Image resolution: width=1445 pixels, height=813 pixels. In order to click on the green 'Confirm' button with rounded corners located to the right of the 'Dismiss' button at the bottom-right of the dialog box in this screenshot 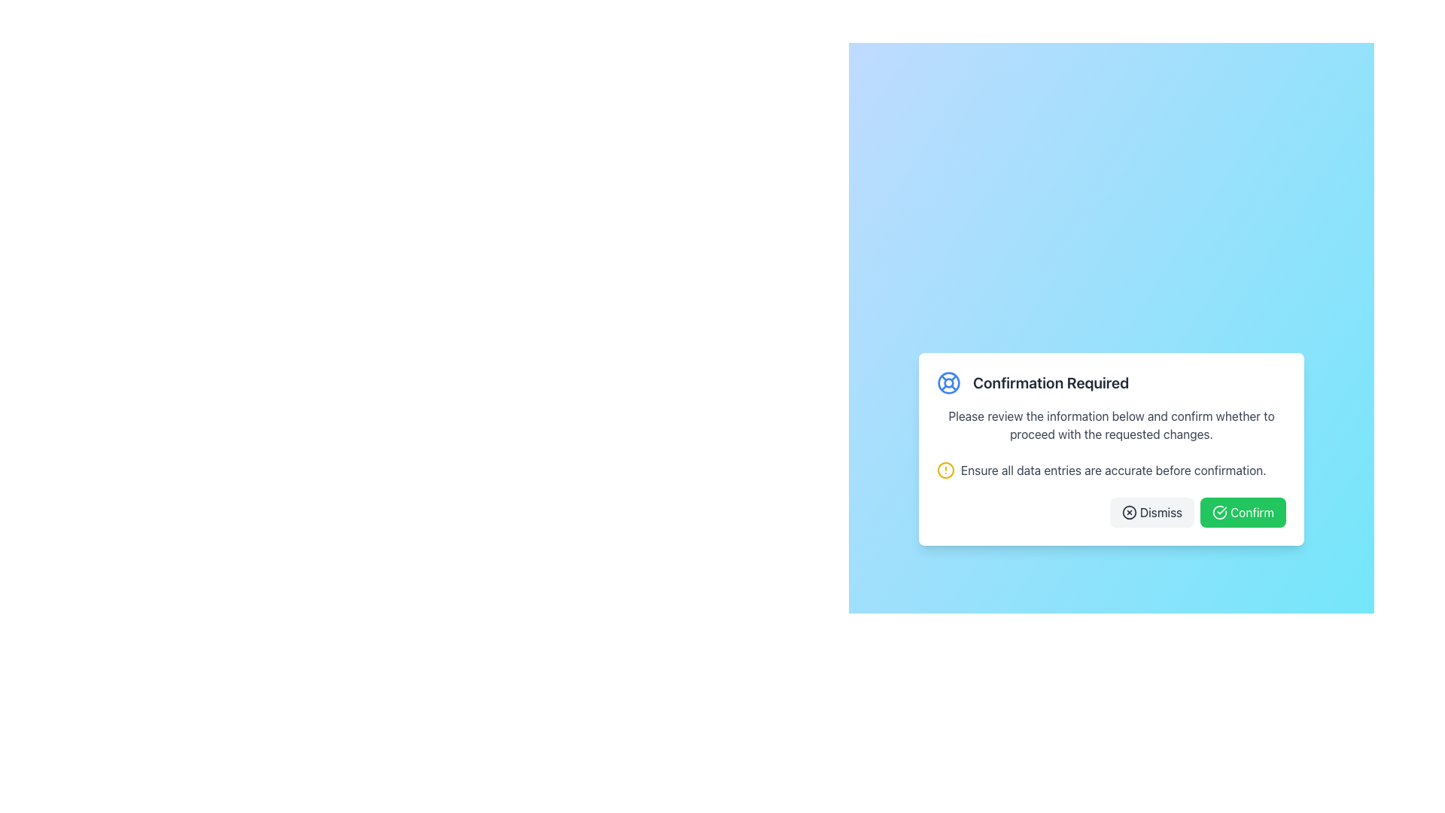, I will do `click(1243, 512)`.